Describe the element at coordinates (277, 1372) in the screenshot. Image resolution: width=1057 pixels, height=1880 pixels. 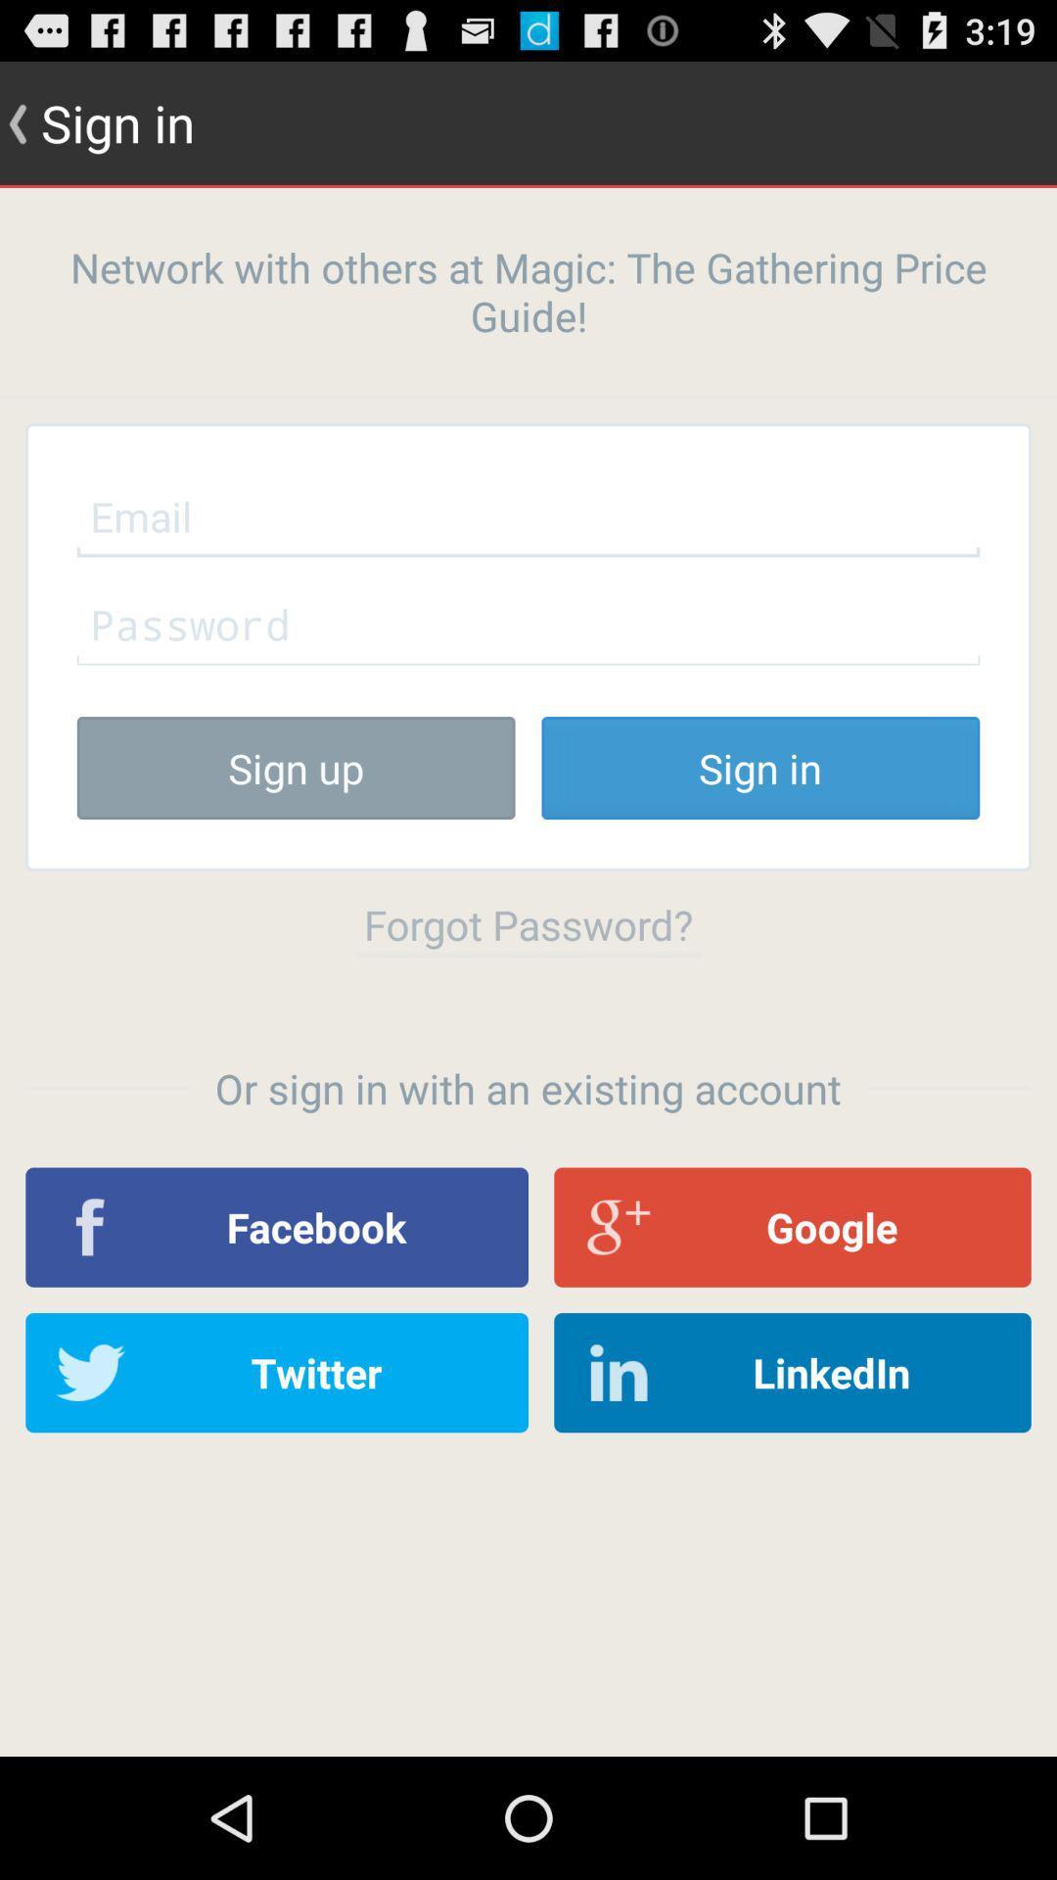
I see `the icon next to the linkedin app` at that location.